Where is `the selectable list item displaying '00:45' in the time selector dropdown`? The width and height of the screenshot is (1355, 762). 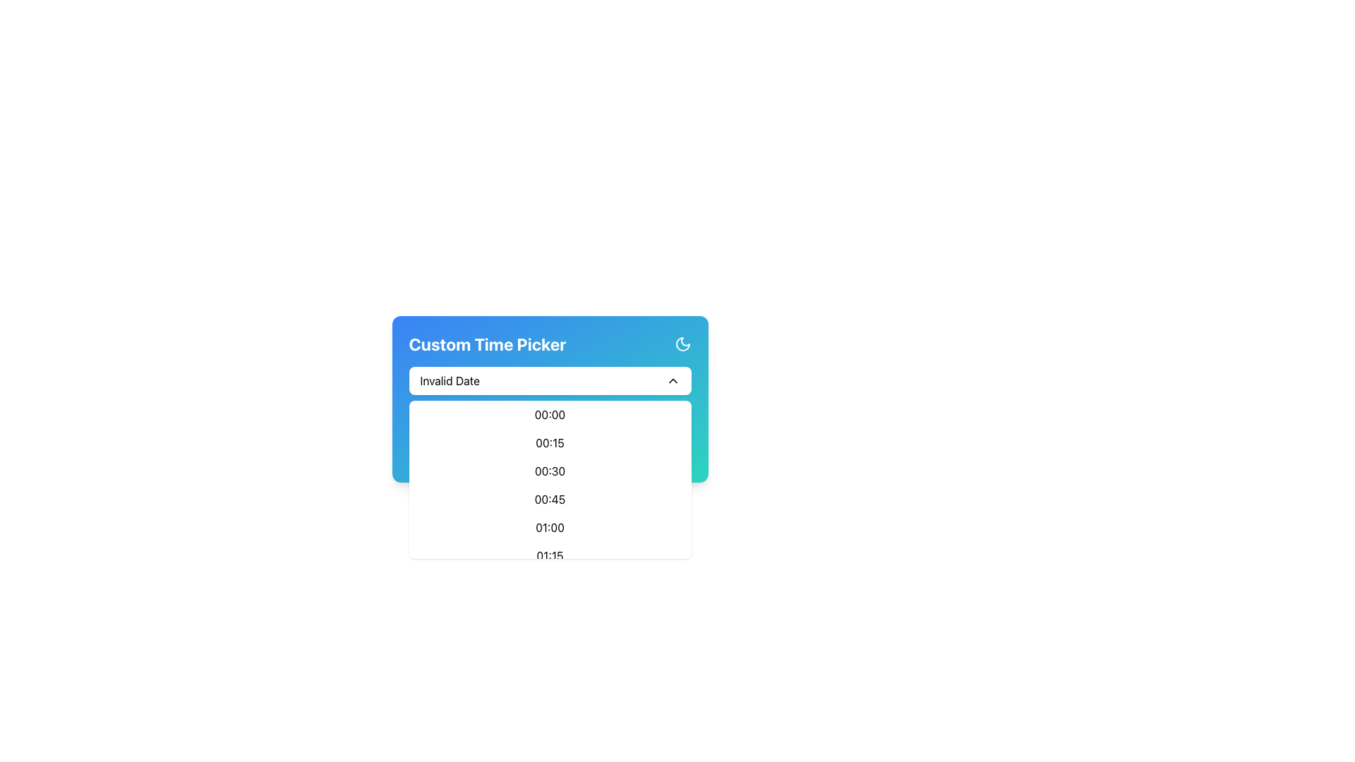
the selectable list item displaying '00:45' in the time selector dropdown is located at coordinates (549, 499).